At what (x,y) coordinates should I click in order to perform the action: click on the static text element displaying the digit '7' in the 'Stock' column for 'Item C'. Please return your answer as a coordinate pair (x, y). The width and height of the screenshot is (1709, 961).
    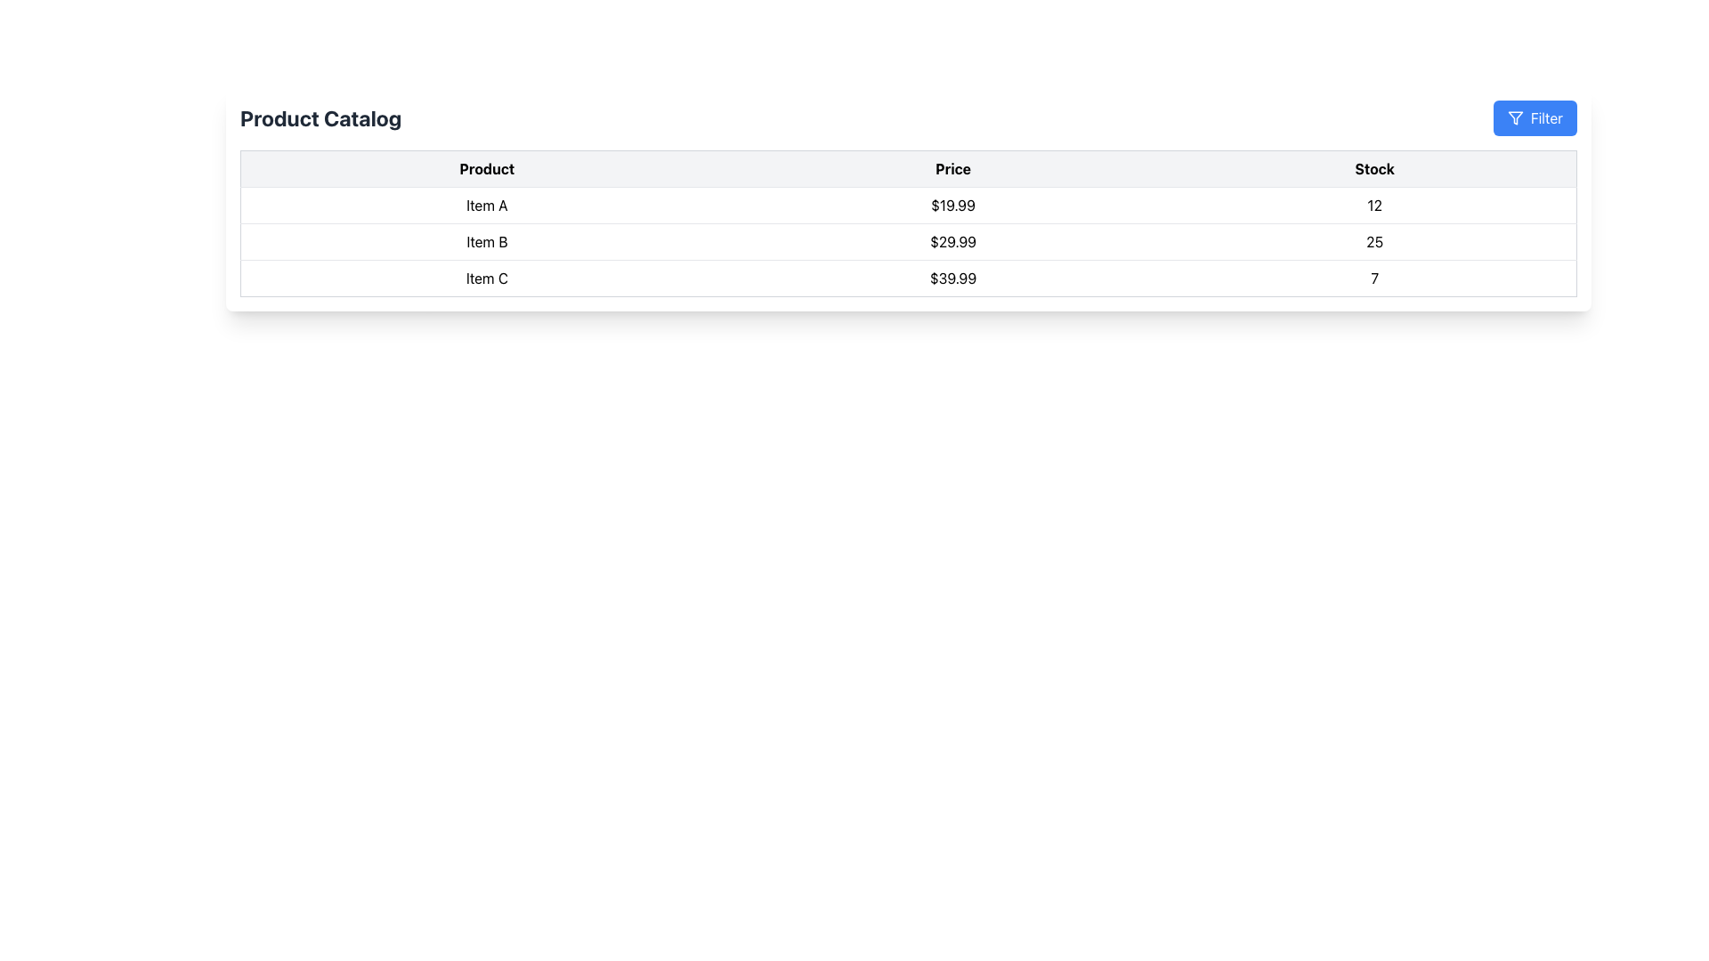
    Looking at the image, I should click on (1374, 278).